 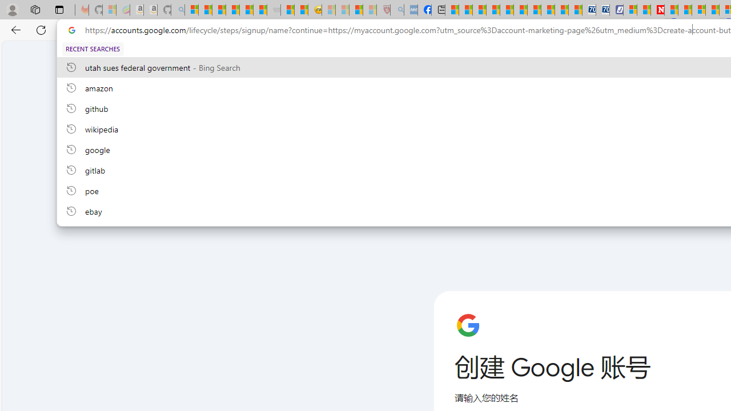 What do you see at coordinates (685, 10) in the screenshot?
I see `'14 Common Myths Debunked By Scientific Facts'` at bounding box center [685, 10].